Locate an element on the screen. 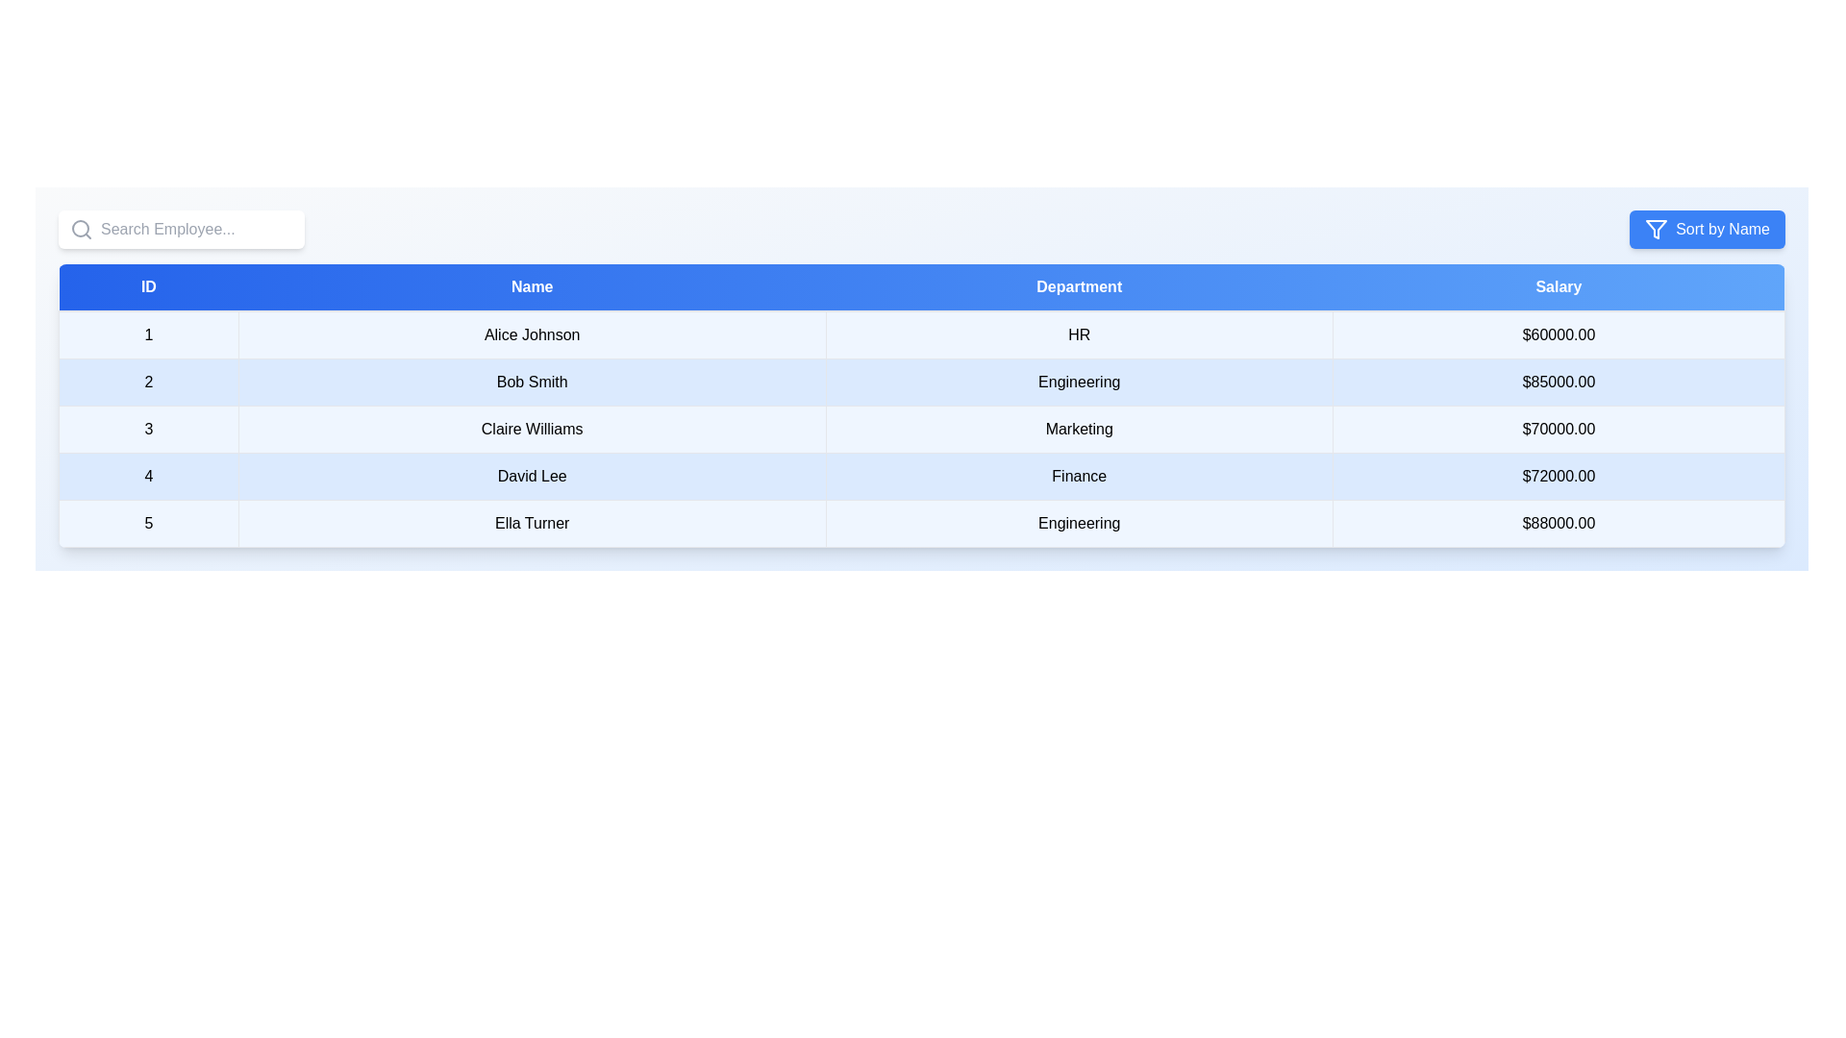 Image resolution: width=1846 pixels, height=1038 pixels. the table cell displaying 'Finance' in black, which is the third column of the fourth row under the 'Department' column is located at coordinates (1079, 476).